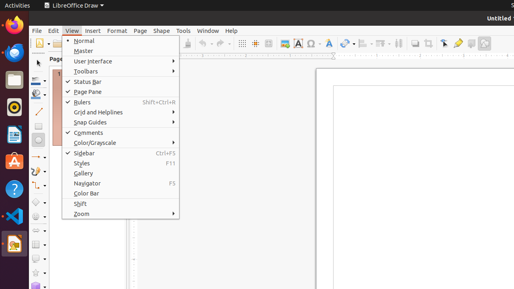  I want to click on 'View', so click(72, 30).